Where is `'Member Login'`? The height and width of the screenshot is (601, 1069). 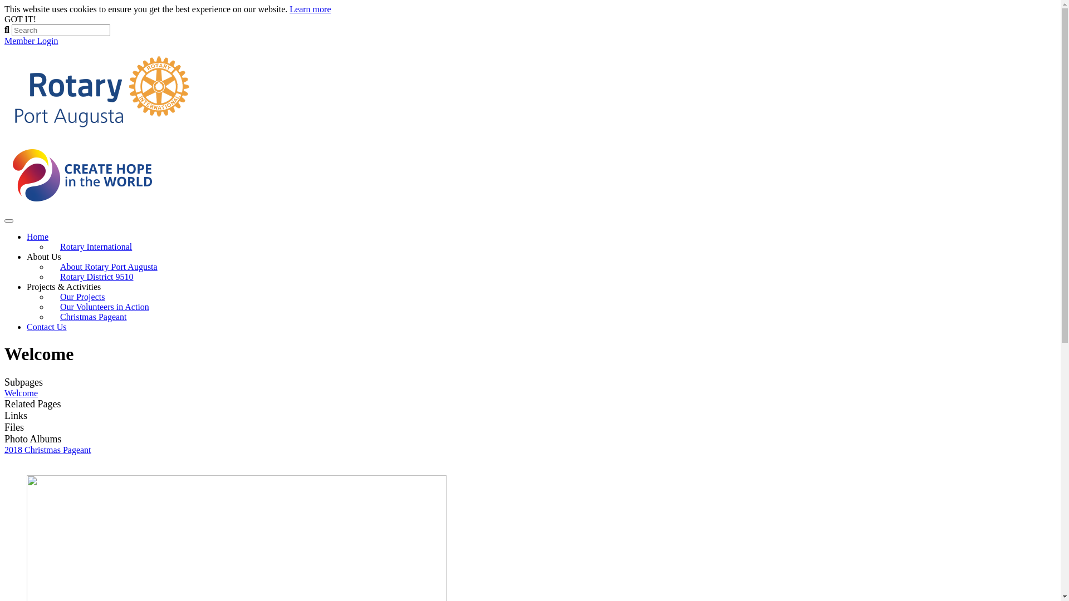 'Member Login' is located at coordinates (31, 40).